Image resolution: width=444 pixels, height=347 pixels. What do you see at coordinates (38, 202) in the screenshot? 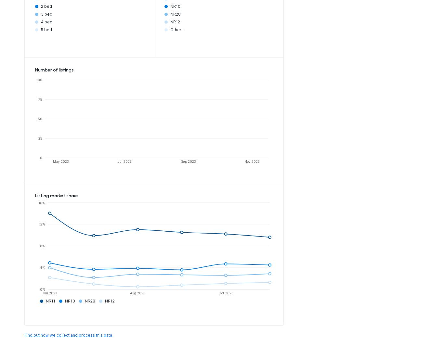
I see `'16%'` at bounding box center [38, 202].